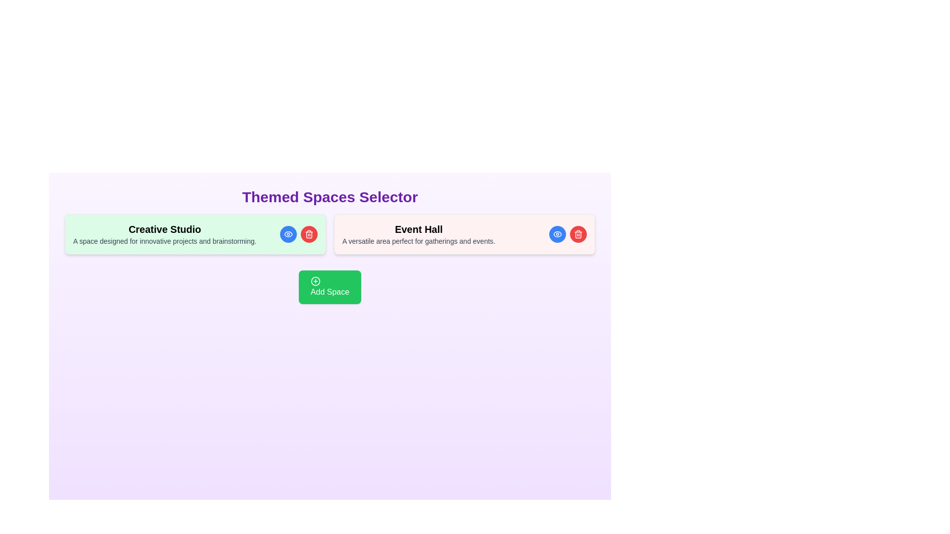 This screenshot has height=534, width=950. I want to click on the small gray text element that says "A versatile area perfect for gatherings and events," which is positioned below the text "Event Hall.", so click(419, 241).